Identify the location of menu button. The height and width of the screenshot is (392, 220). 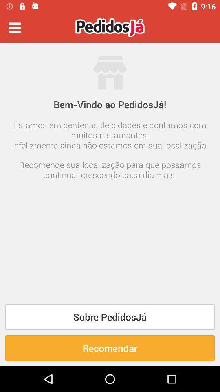
(15, 28).